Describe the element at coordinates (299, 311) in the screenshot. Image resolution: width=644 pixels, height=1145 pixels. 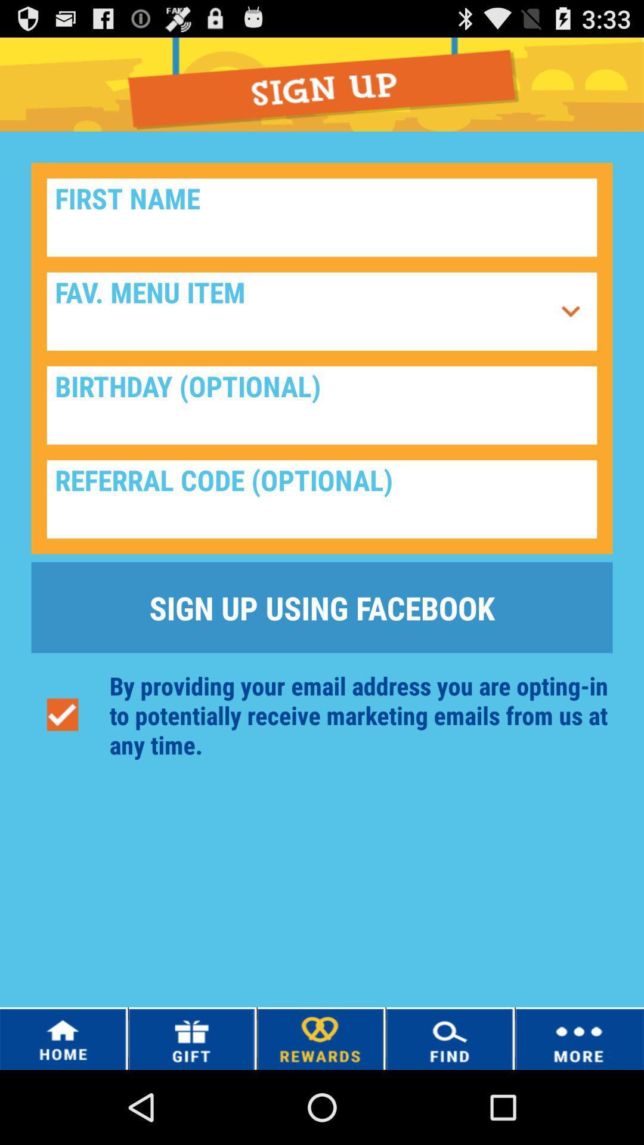
I see `favorite menu item` at that location.